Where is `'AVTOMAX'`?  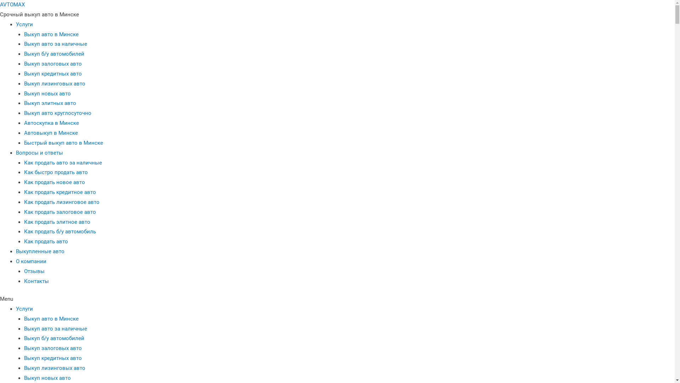 'AVTOMAX' is located at coordinates (12, 4).